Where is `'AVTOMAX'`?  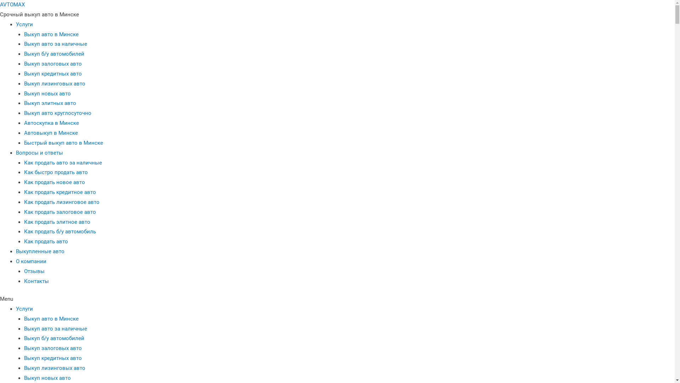 'AVTOMAX' is located at coordinates (12, 4).